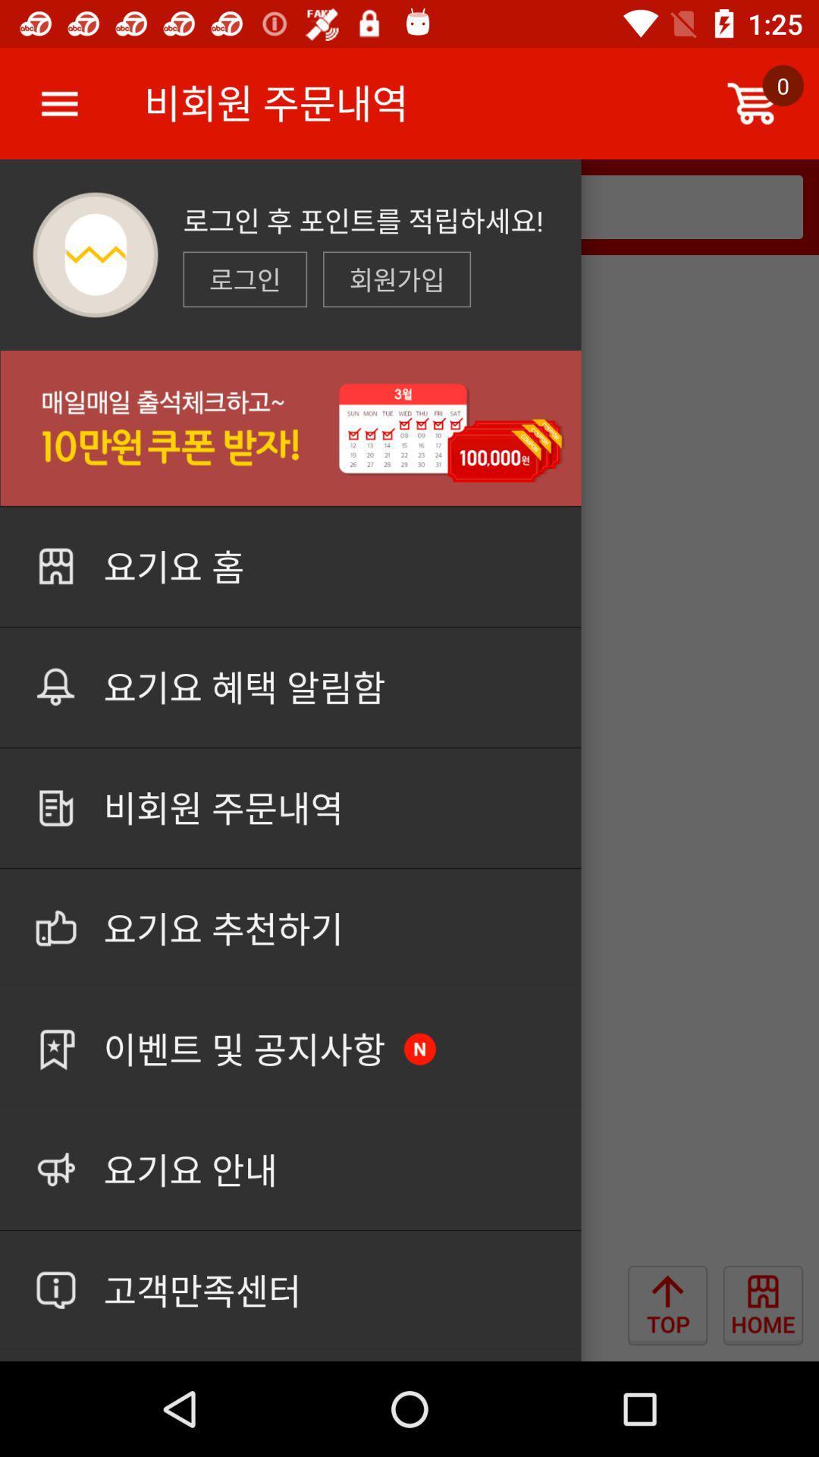  Describe the element at coordinates (675, 1313) in the screenshot. I see `the arrow_upward icon` at that location.